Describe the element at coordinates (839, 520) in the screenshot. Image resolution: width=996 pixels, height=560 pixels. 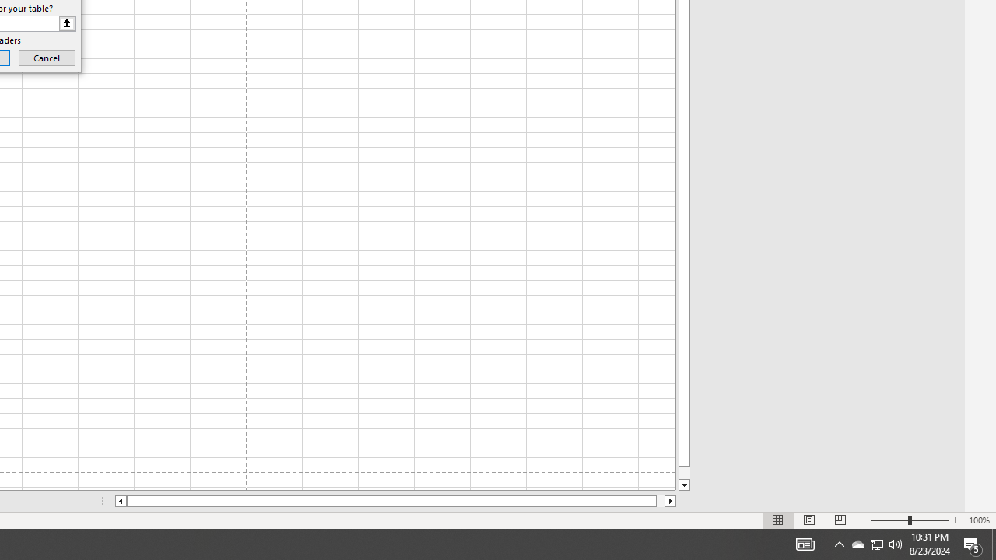
I see `'Page Break Preview'` at that location.